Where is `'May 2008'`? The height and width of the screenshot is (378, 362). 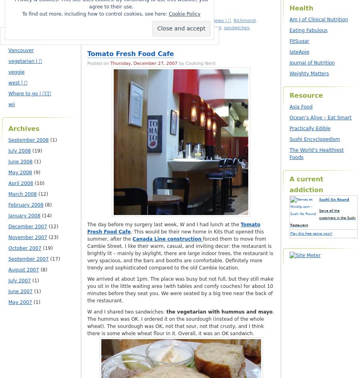 'May 2008' is located at coordinates (20, 172).